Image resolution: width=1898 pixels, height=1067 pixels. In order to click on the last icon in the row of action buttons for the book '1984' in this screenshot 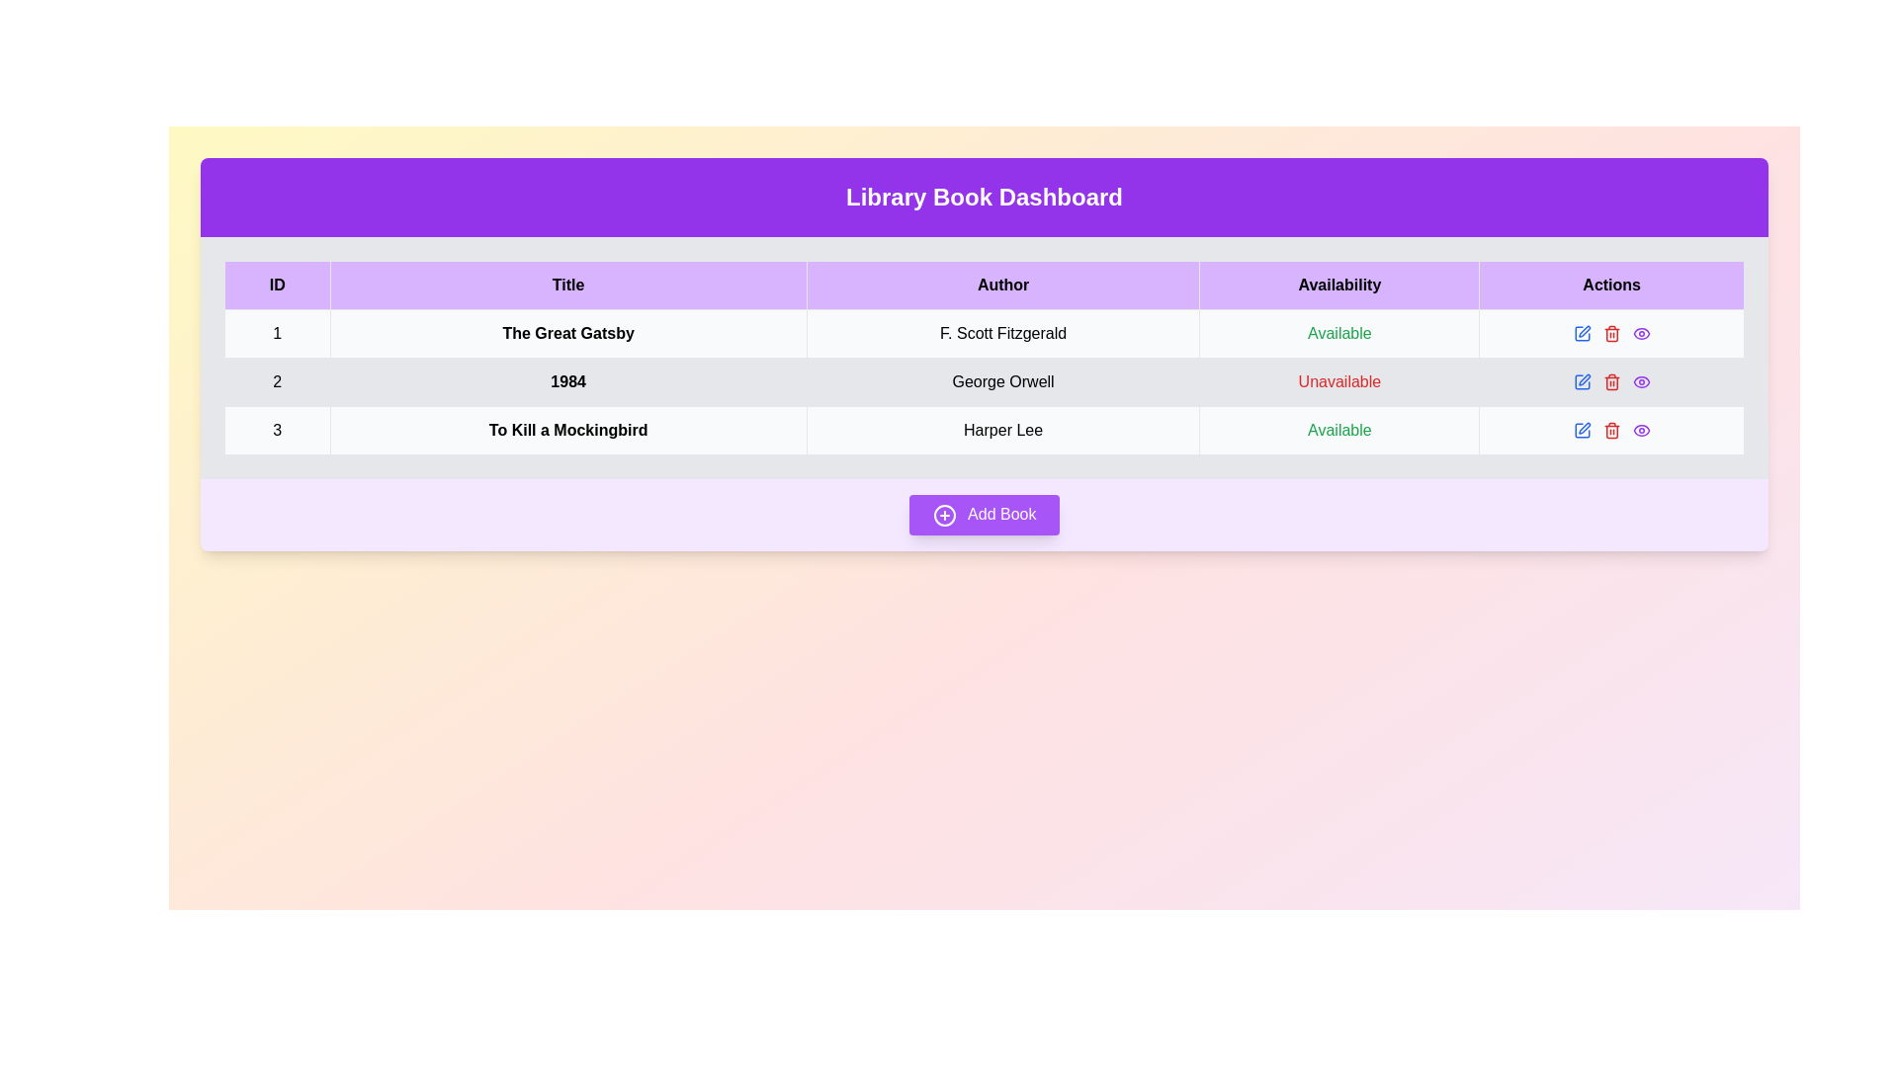, I will do `click(1641, 381)`.